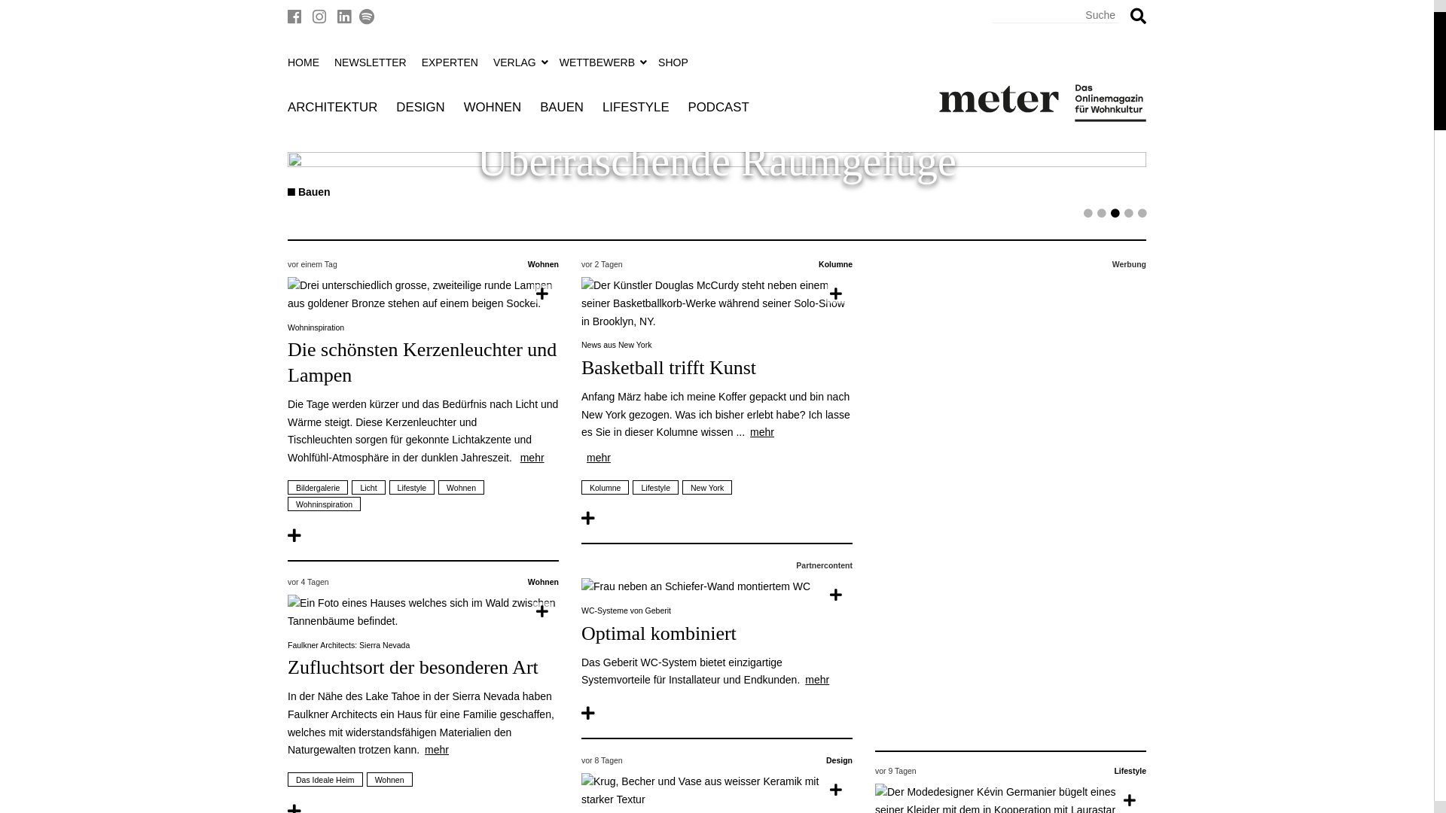  Describe the element at coordinates (825, 760) in the screenshot. I see `'Design'` at that location.